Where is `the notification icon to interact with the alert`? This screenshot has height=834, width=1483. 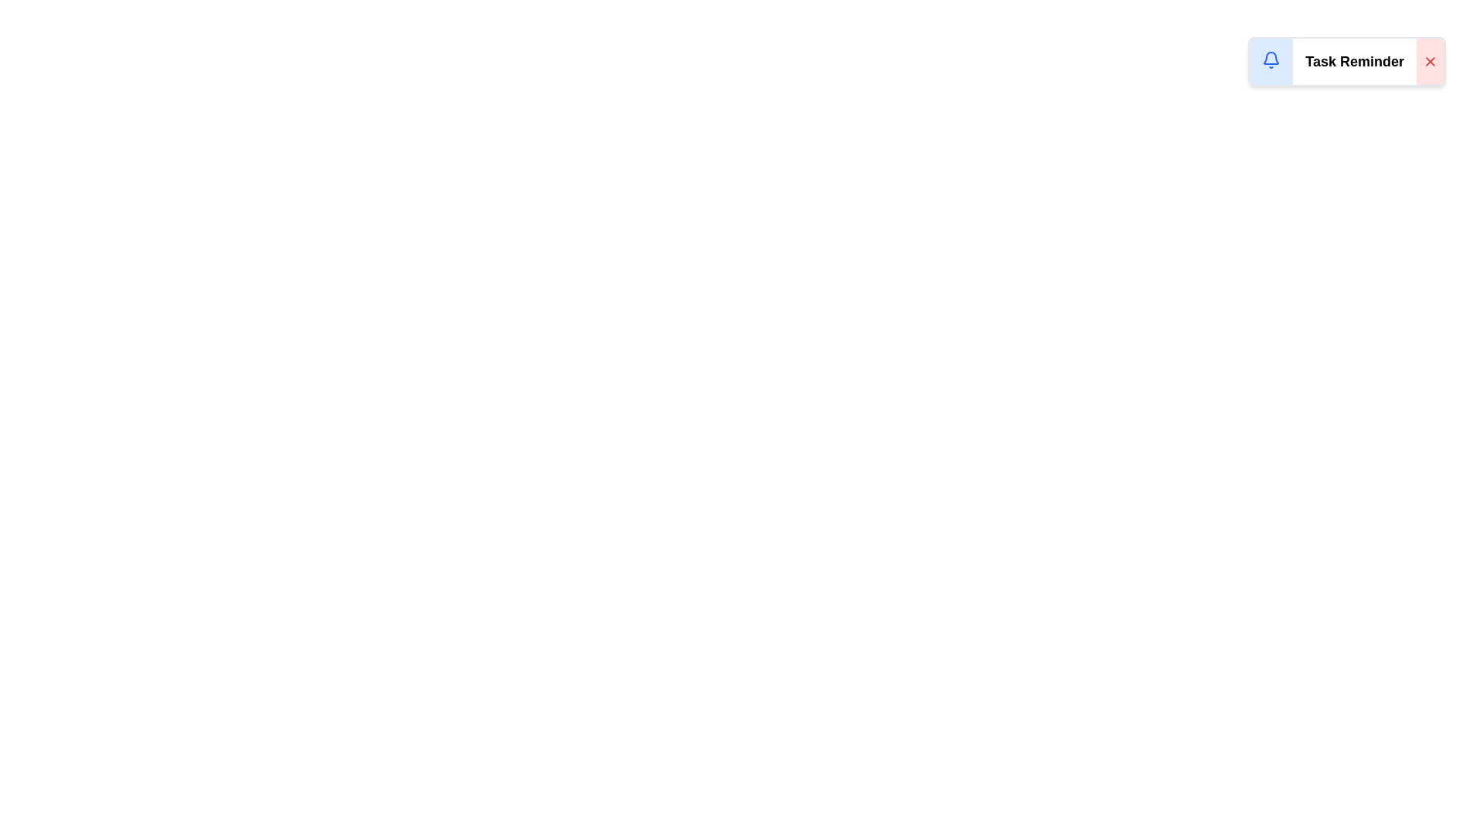 the notification icon to interact with the alert is located at coordinates (1271, 59).